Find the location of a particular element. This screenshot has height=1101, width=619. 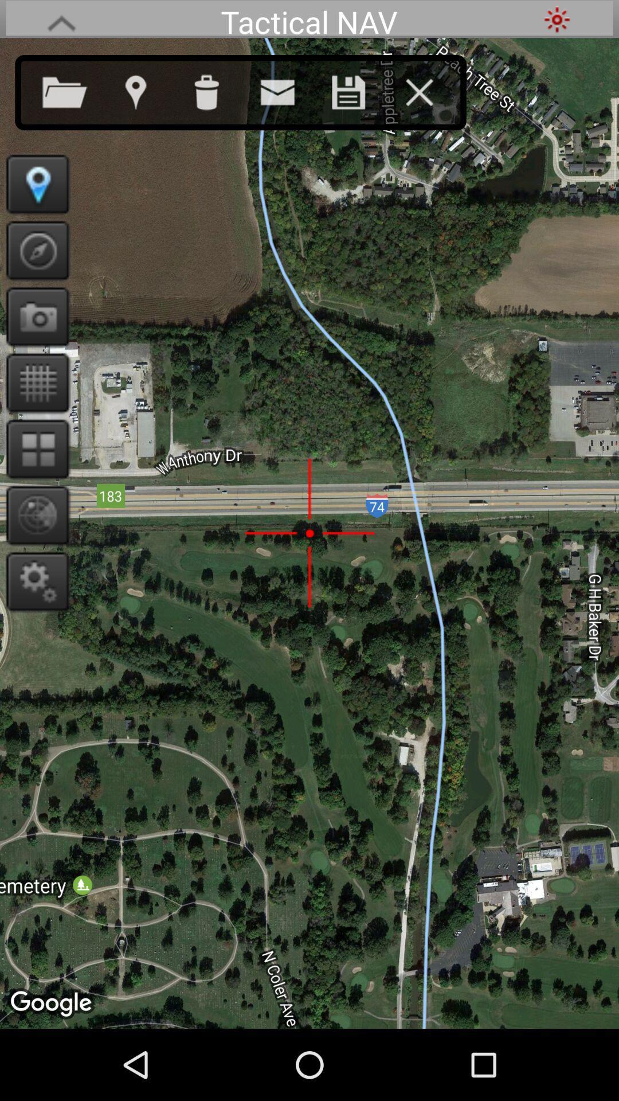

the close icon is located at coordinates (430, 96).